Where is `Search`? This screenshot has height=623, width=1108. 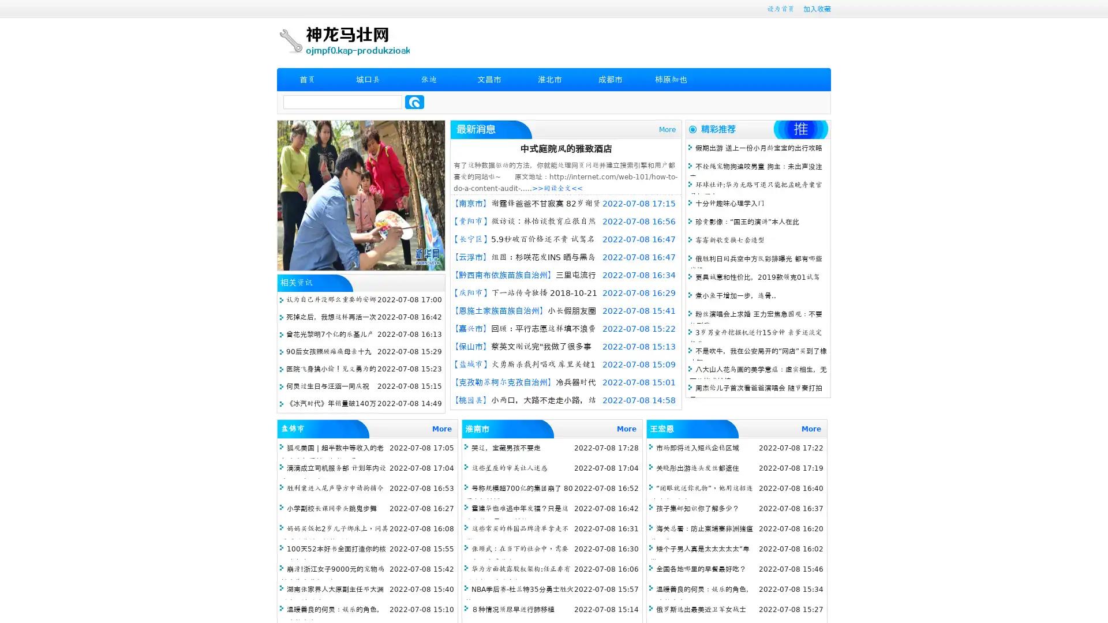
Search is located at coordinates (414, 102).